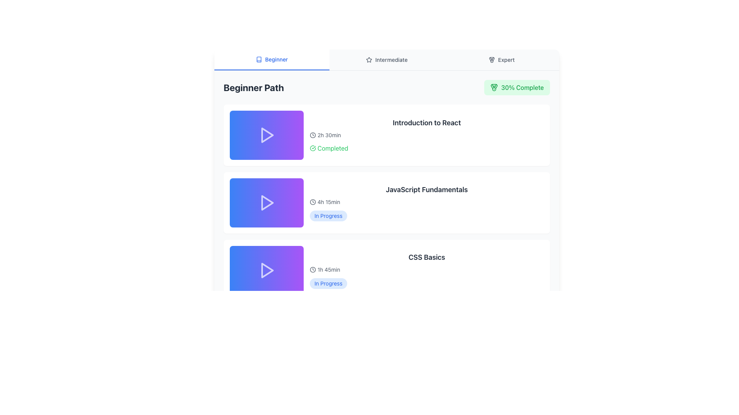 The width and height of the screenshot is (739, 415). I want to click on the second course entry card in the vertical list, which provides an overview of the course topic including title, duration, and progress status, so click(426, 203).